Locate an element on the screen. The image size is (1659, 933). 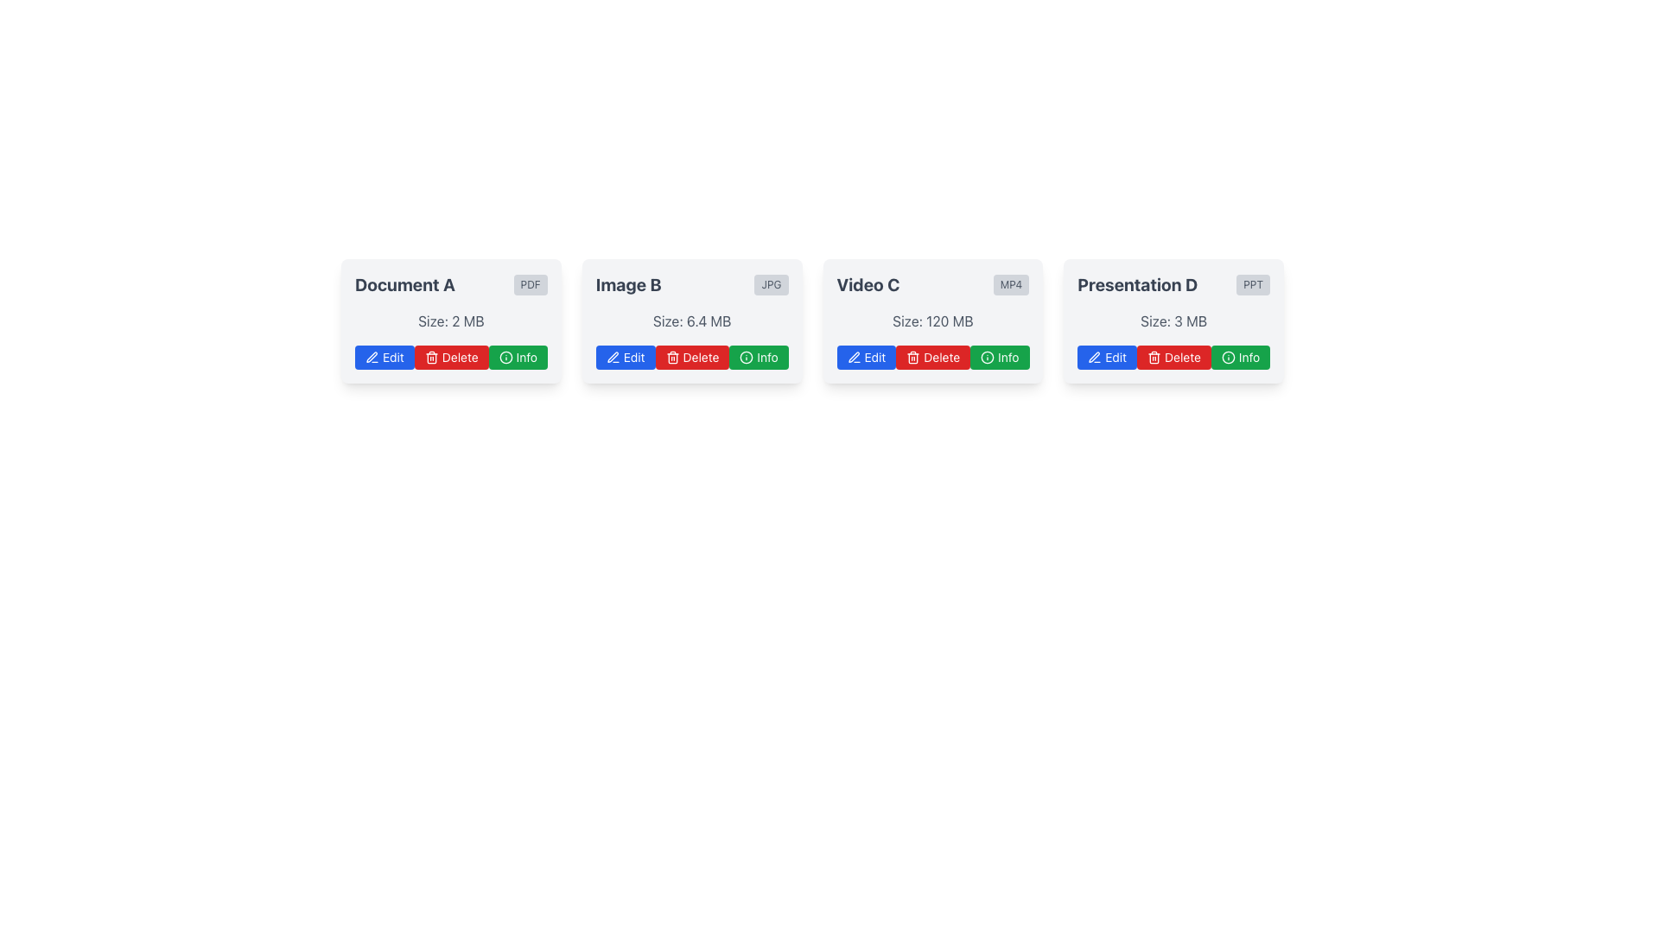
the first button in the horizontal layout of buttons within the 'Presentation D' card is located at coordinates (1107, 356).